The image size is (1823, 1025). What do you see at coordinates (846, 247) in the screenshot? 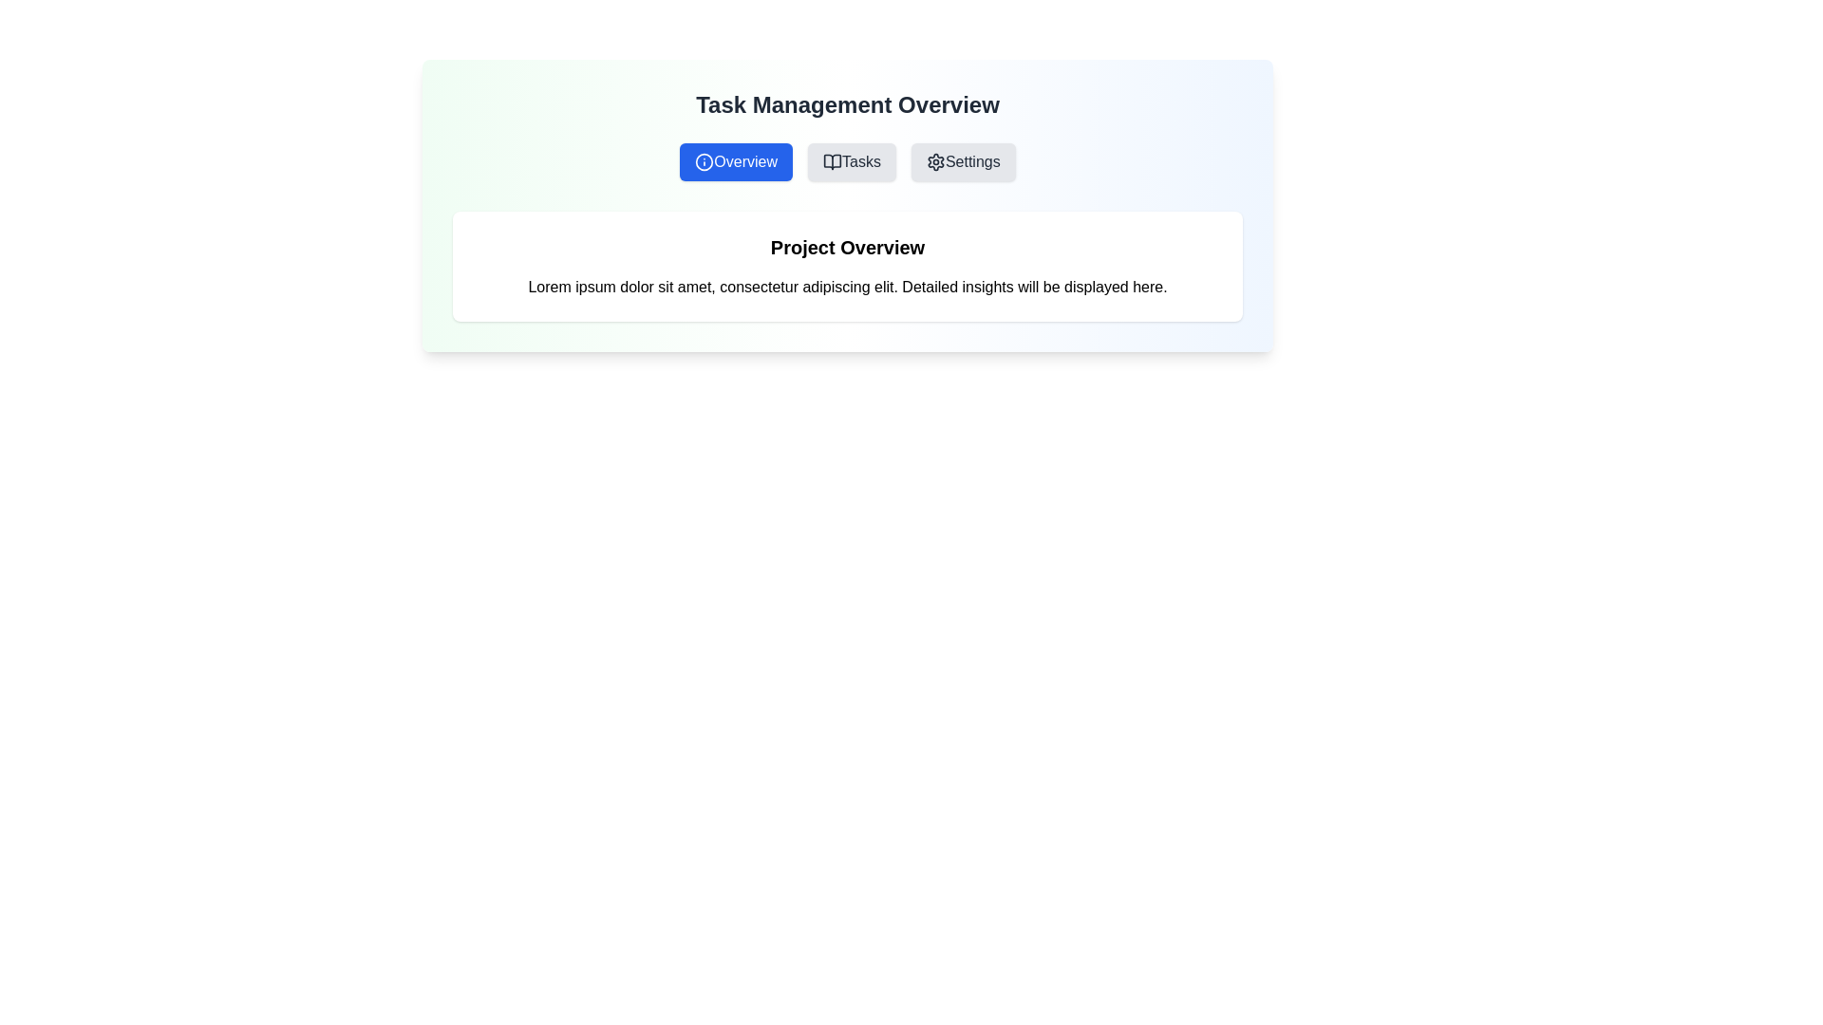
I see `the text heading element displaying 'Project Overview', which is prominently styled and located in the upper third of the interface` at bounding box center [846, 247].